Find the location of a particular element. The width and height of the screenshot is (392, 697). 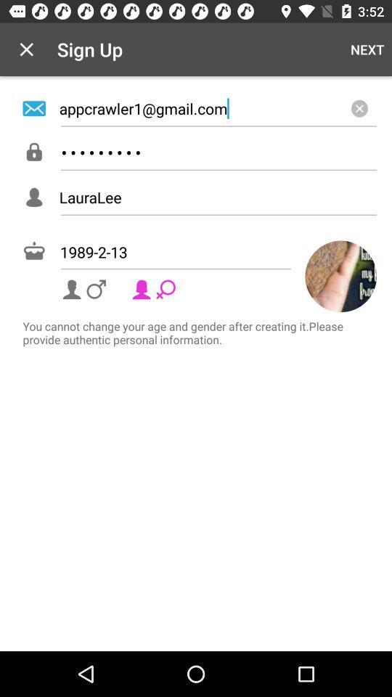

appcrawler1@gmail.com icon is located at coordinates (217, 107).